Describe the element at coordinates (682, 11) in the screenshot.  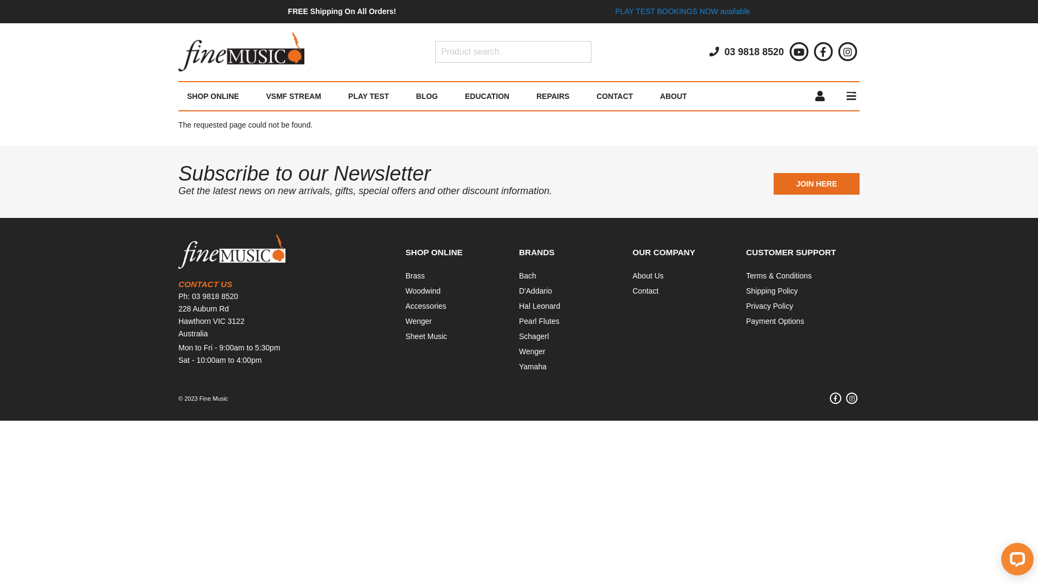
I see `'PLAY TEST BOOKINGS NOW available'` at that location.